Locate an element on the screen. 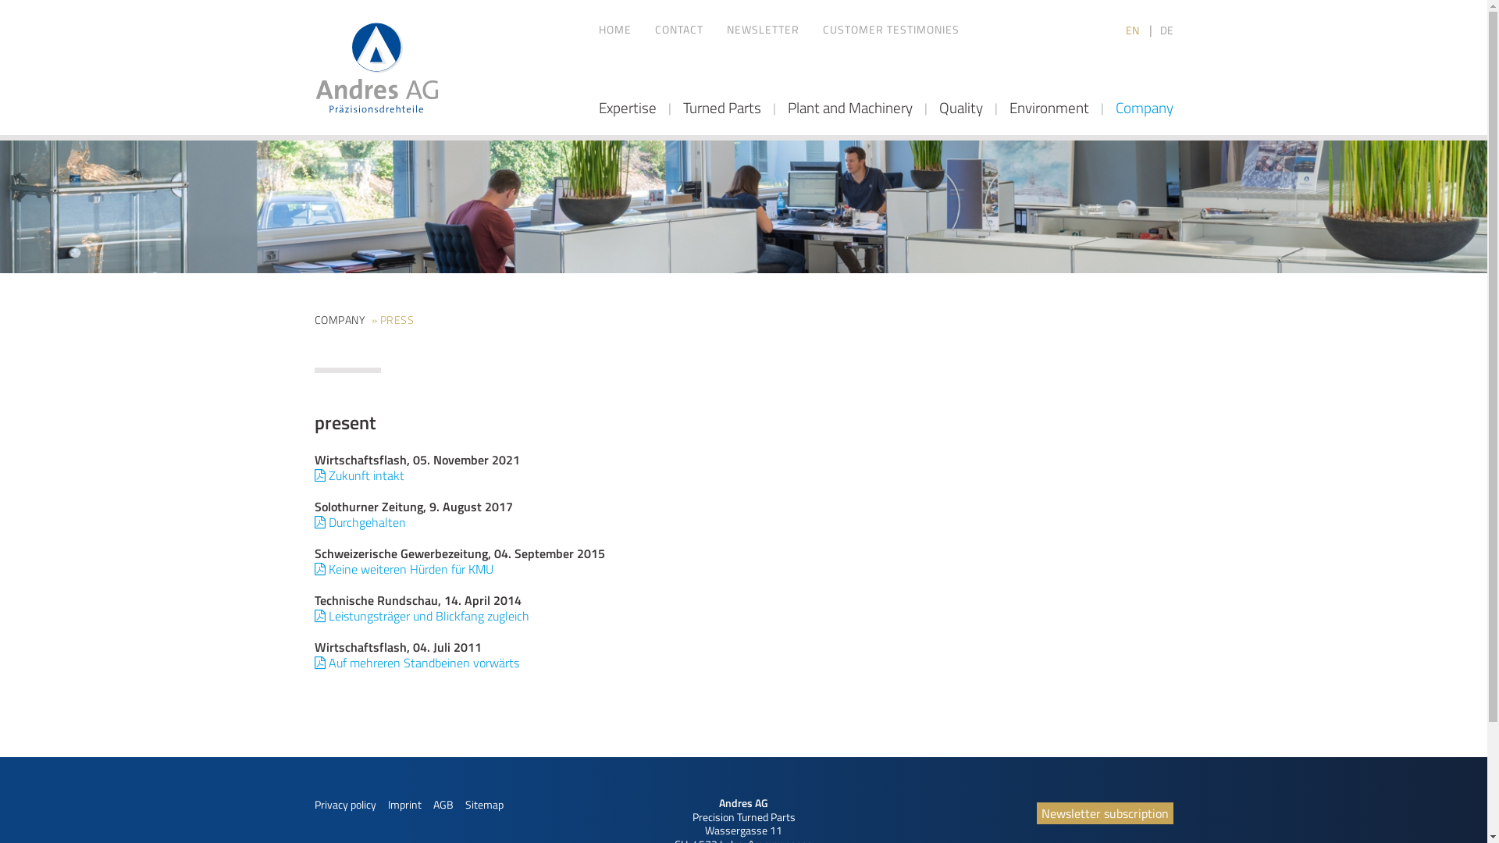 This screenshot has height=843, width=1499. 'Newsletter subscription' is located at coordinates (1104, 812).